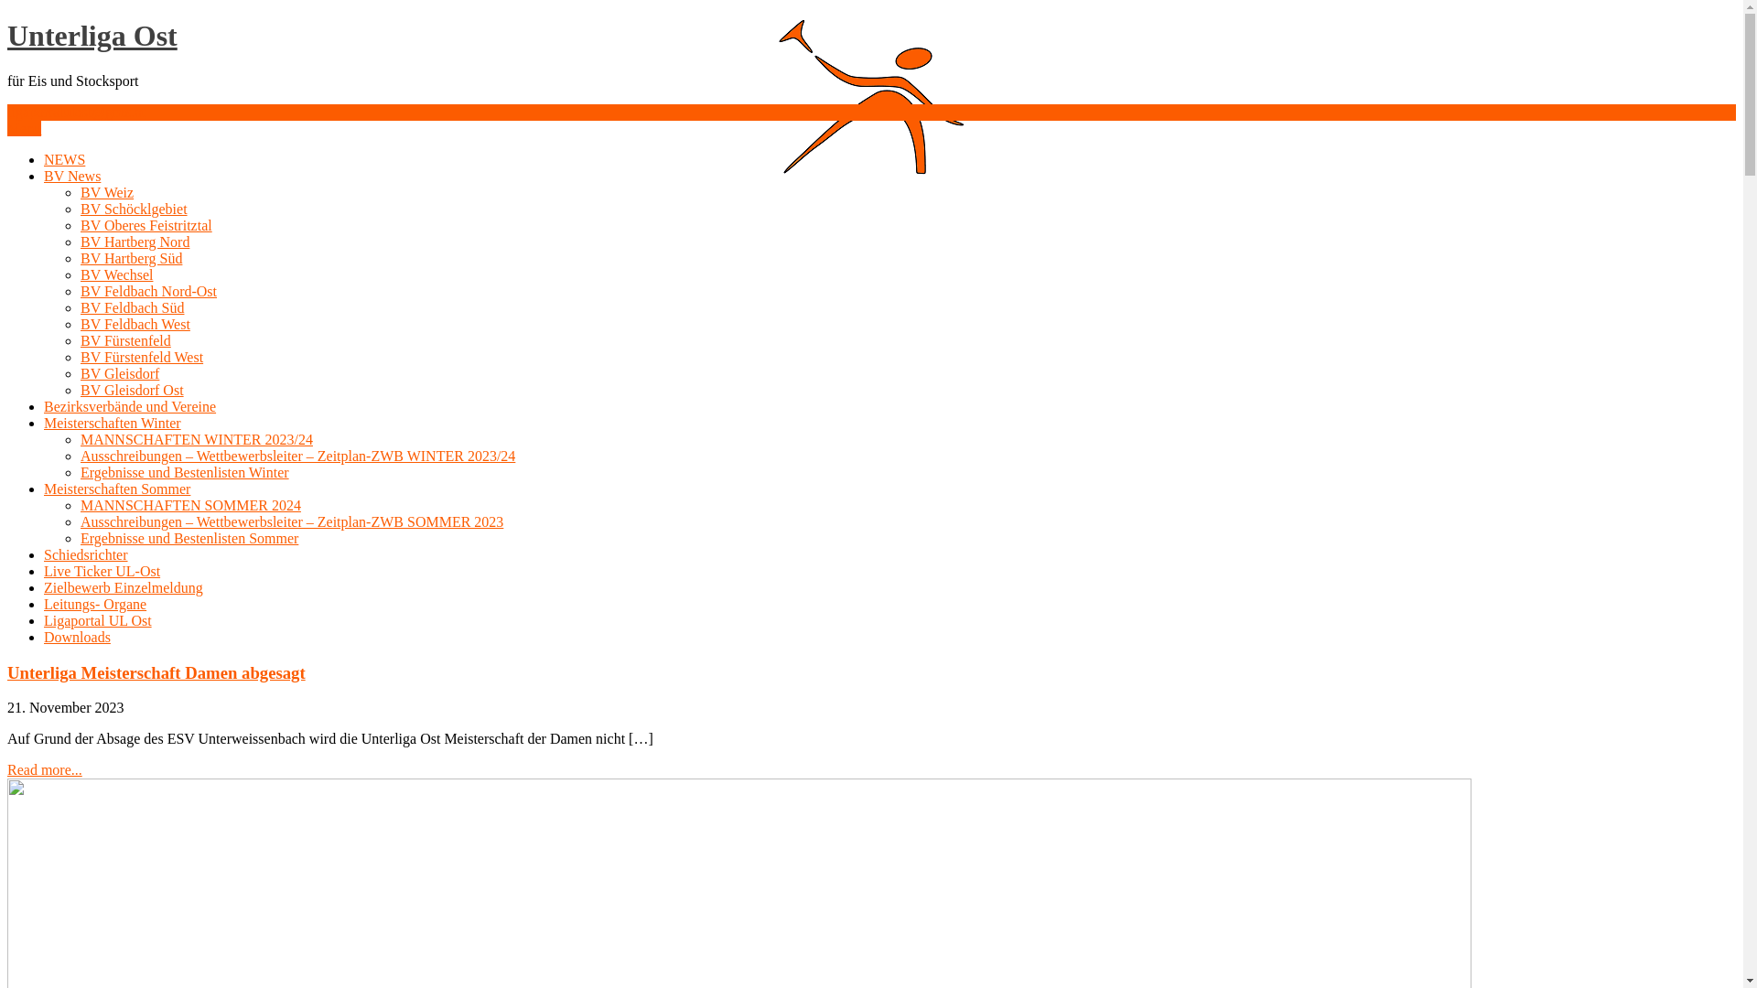 Image resolution: width=1757 pixels, height=988 pixels. Describe the element at coordinates (79, 323) in the screenshot. I see `'BV Feldbach West'` at that location.